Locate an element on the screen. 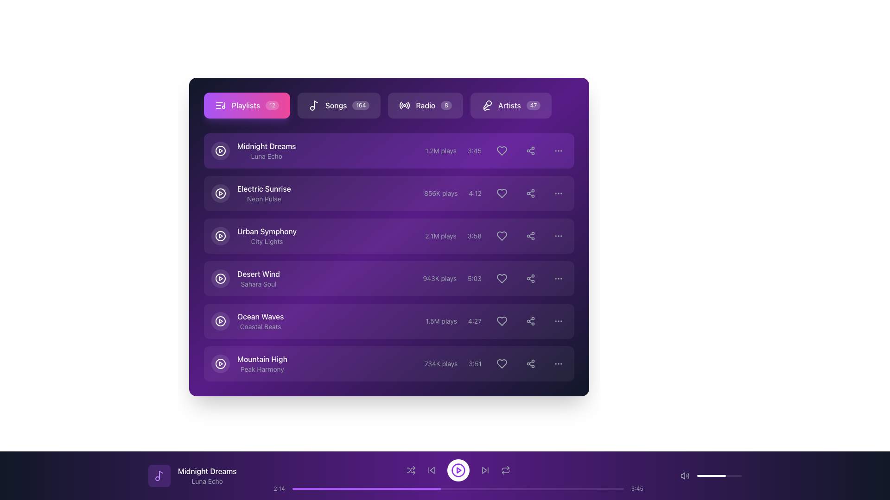 The image size is (890, 500). title of the music track displayed in the text label, which is part of the last entry in the playlist on the right-hand side of the card UI component is located at coordinates (262, 358).